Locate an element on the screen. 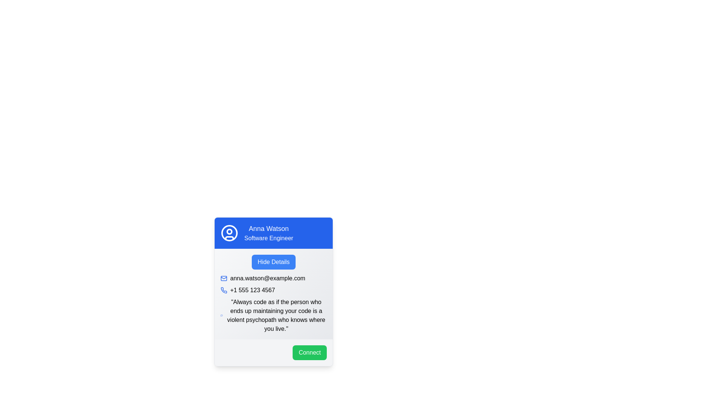  the 'Connect' button, which has a green background and rounded corners, located at the bottom right of a light gray section within a card layout is located at coordinates (273, 352).